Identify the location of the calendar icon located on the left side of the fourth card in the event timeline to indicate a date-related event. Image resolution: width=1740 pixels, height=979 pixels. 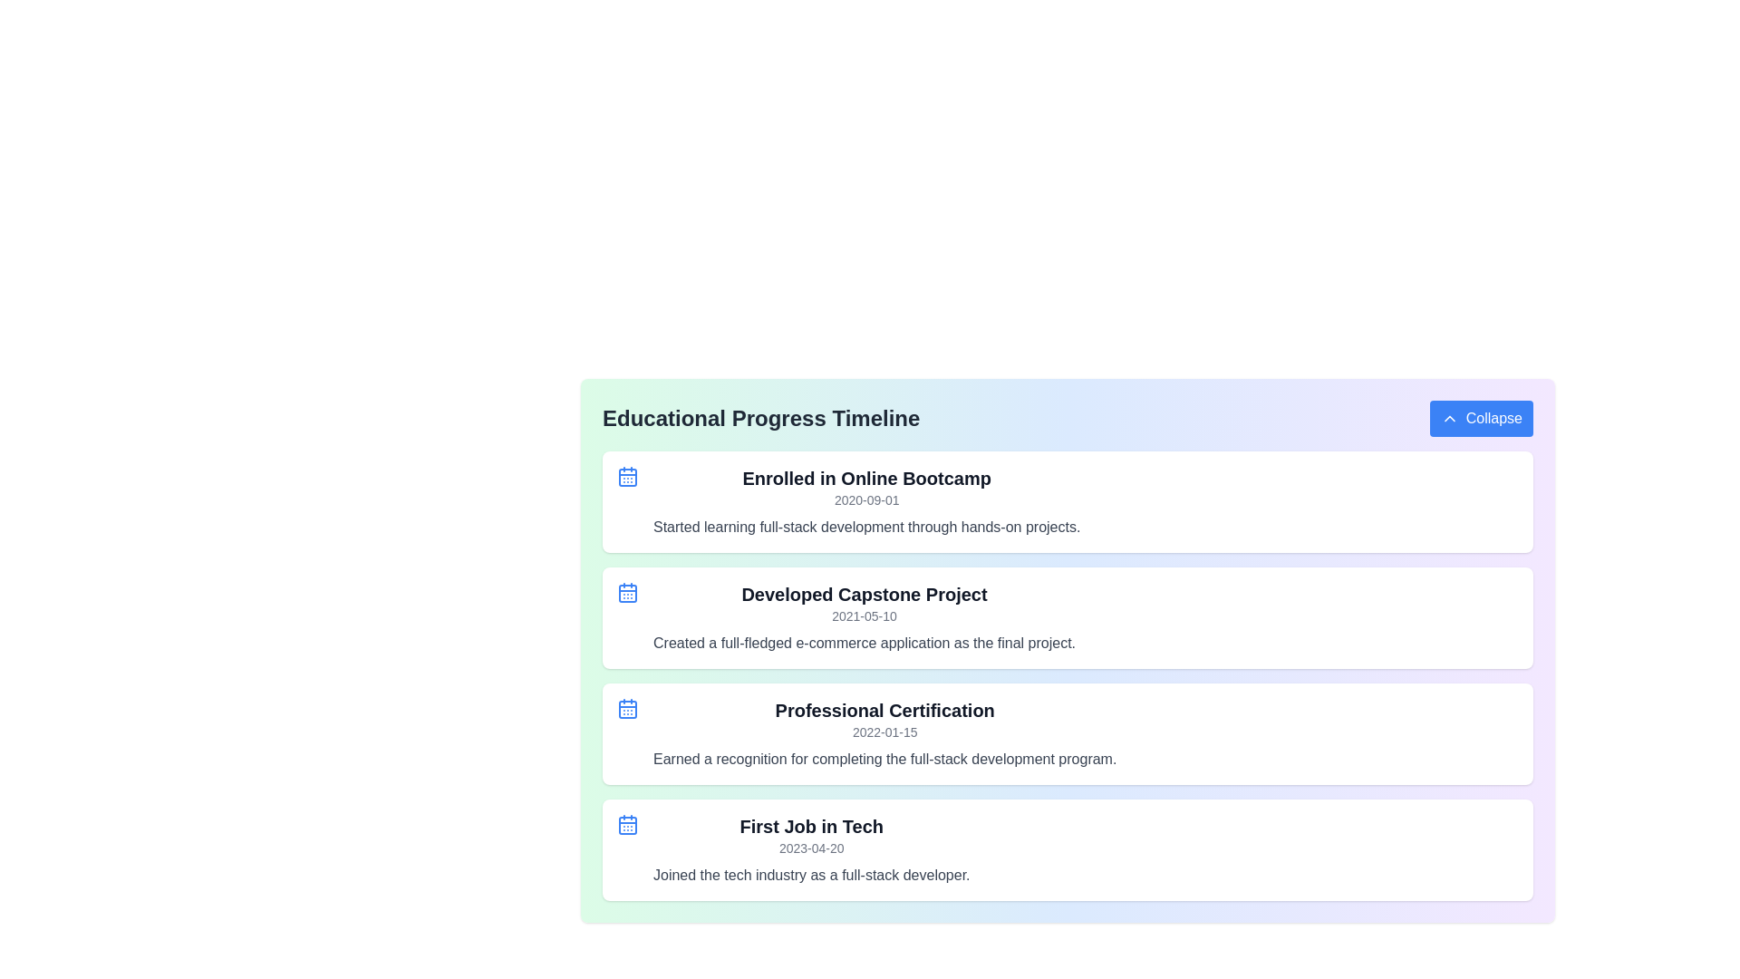
(627, 825).